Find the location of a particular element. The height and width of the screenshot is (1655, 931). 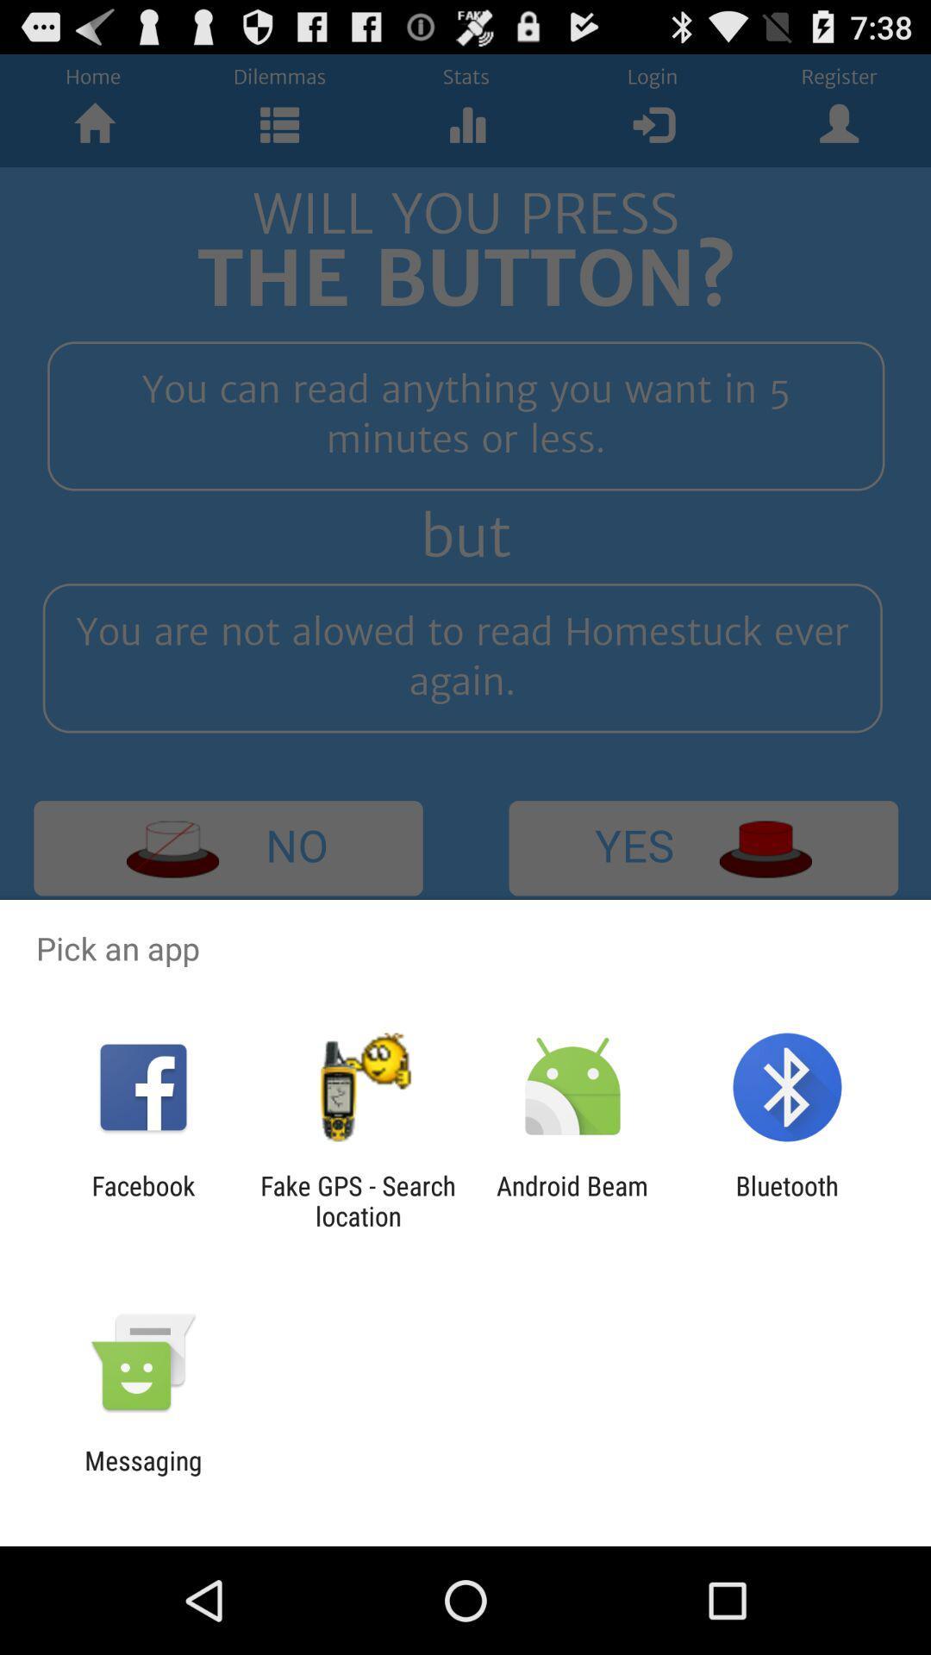

item next to the bluetooth icon is located at coordinates (572, 1200).